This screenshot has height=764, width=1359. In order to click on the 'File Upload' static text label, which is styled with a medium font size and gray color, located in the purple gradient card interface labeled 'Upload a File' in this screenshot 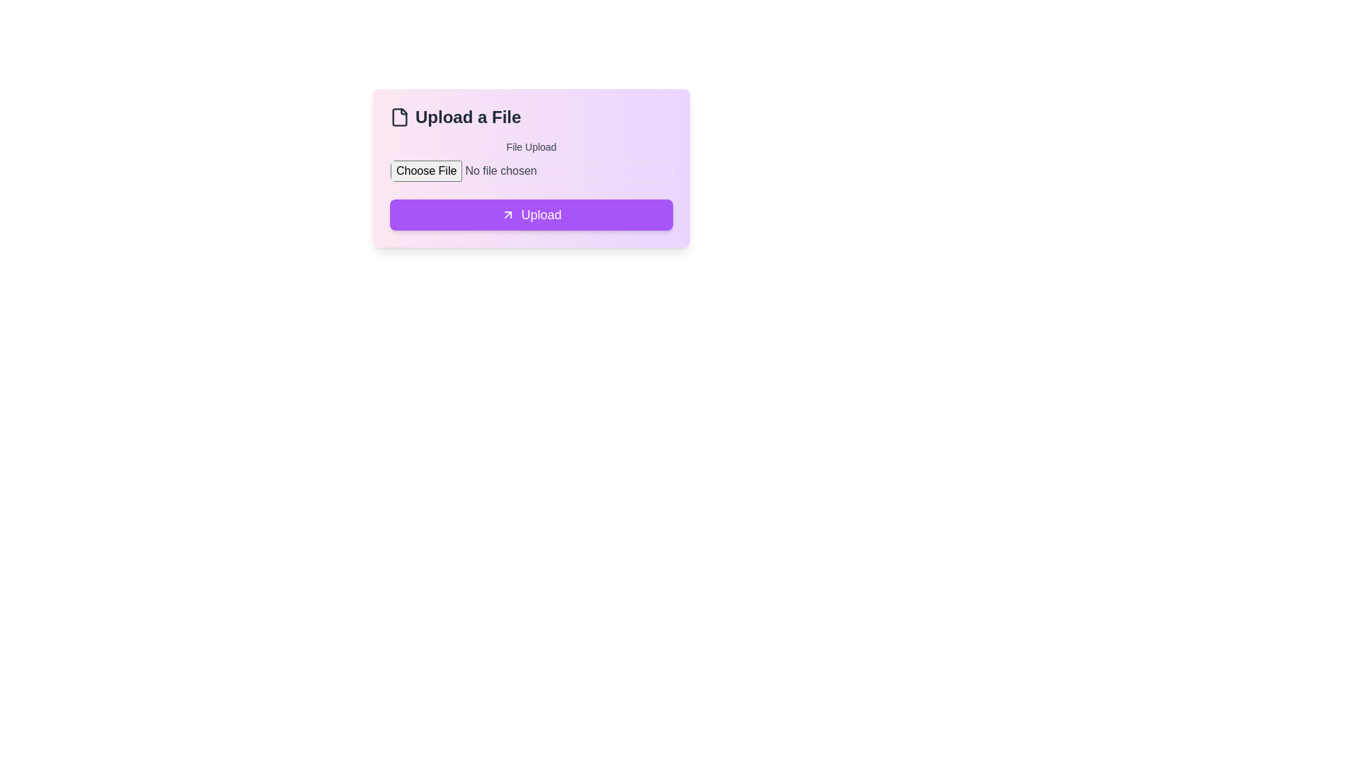, I will do `click(530, 147)`.